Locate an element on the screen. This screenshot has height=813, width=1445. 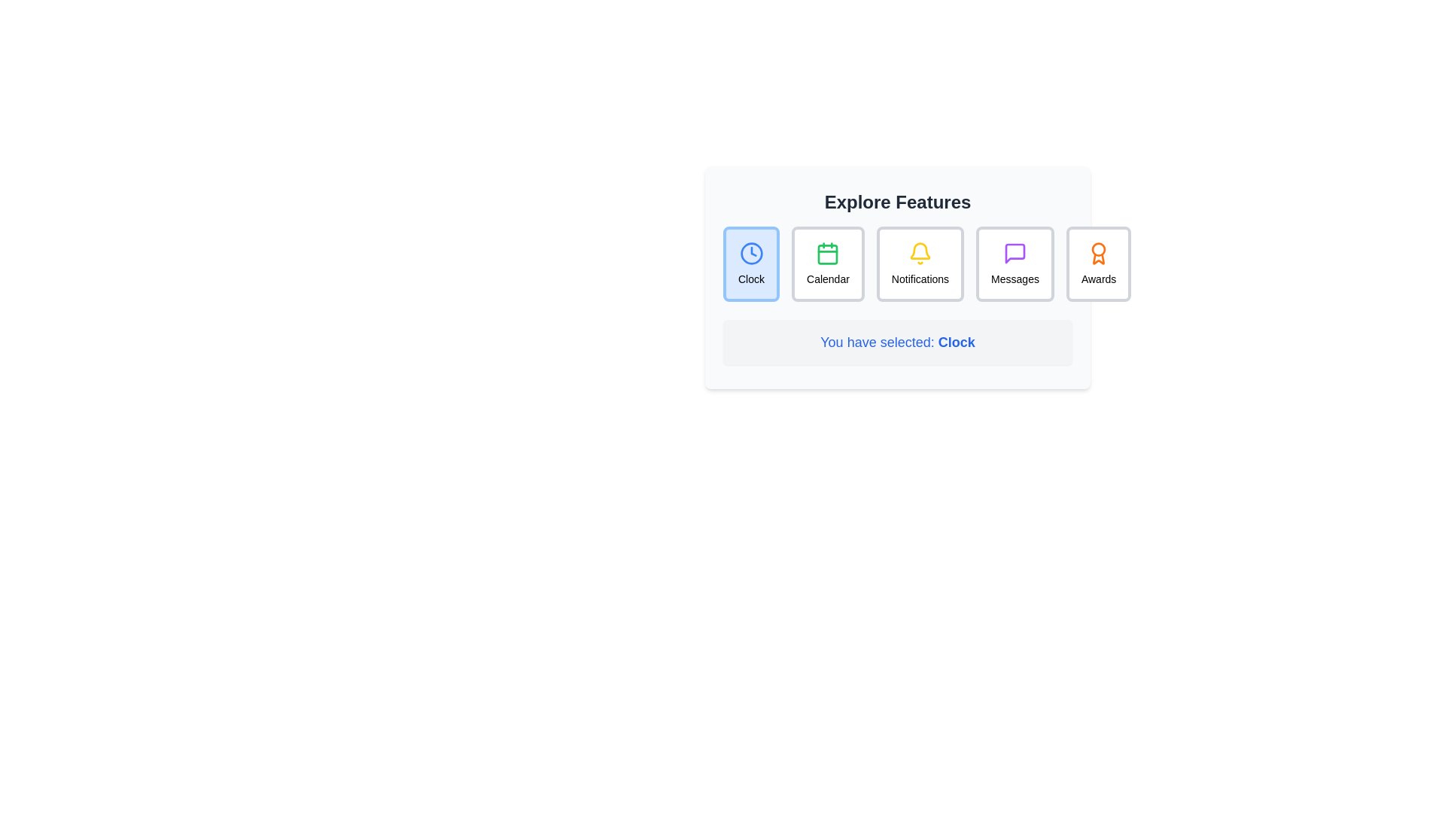
the 'Messages' button, which is the third option in the feature selection interface is located at coordinates (1015, 263).